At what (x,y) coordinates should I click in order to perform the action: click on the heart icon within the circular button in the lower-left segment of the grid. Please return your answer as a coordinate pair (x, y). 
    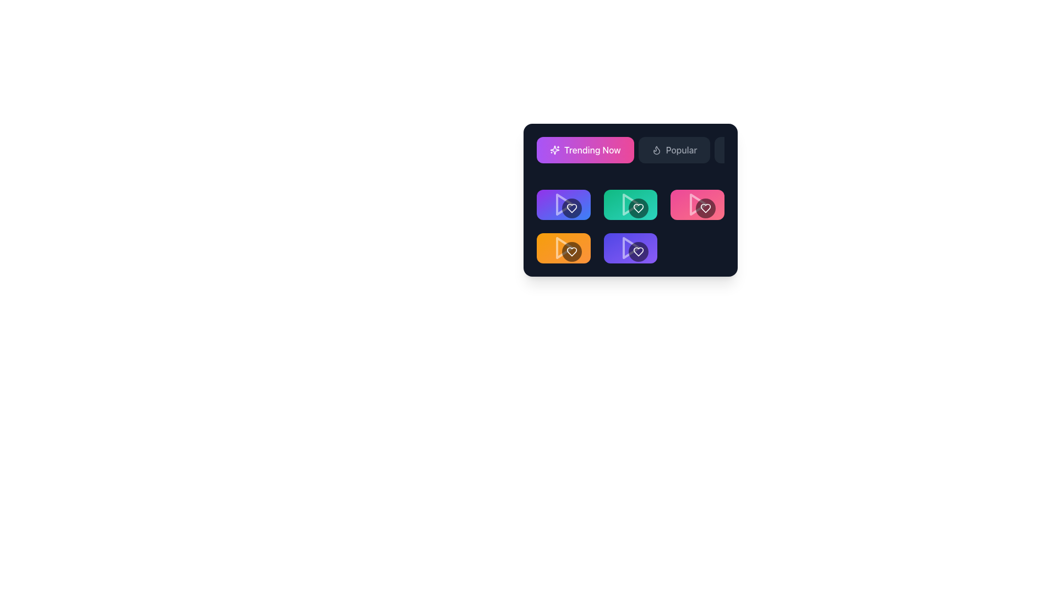
    Looking at the image, I should click on (571, 251).